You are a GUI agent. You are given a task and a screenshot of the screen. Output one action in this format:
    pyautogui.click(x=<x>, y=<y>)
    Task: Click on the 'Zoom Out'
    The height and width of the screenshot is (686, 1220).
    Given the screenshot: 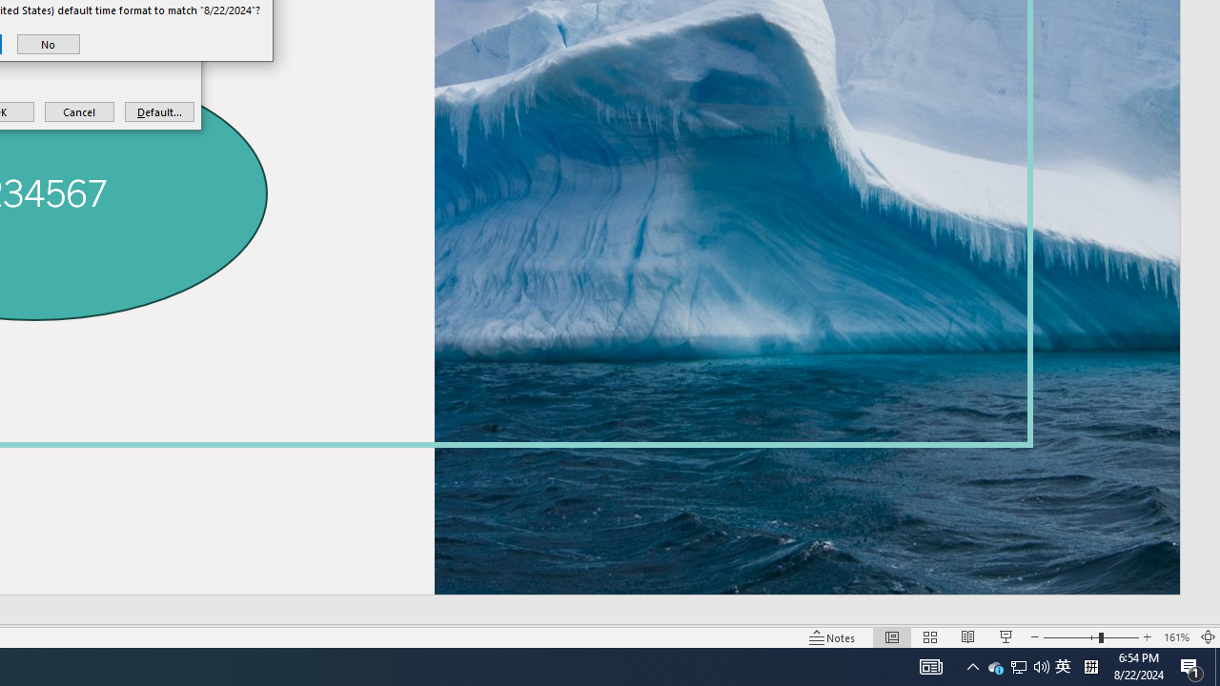 What is the action you would take?
    pyautogui.click(x=1070, y=637)
    